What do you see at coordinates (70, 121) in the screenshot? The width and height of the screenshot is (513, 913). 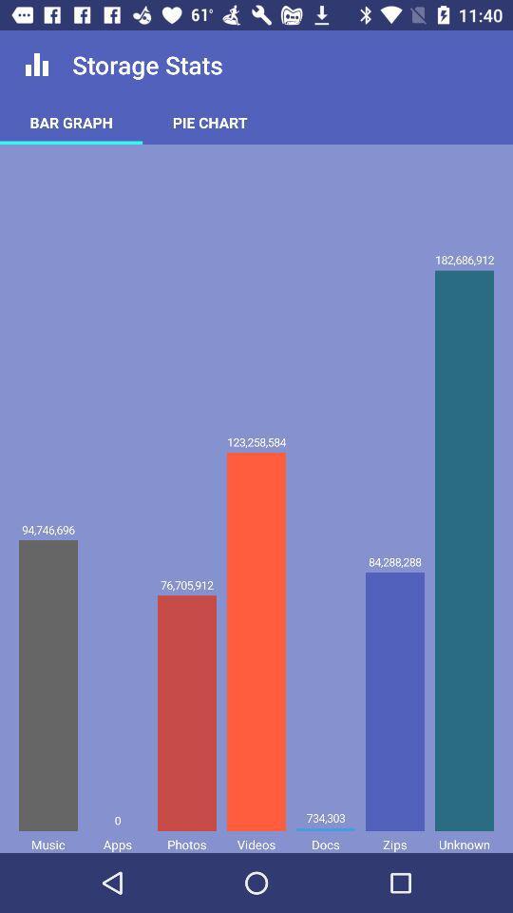 I see `bar graph item` at bounding box center [70, 121].